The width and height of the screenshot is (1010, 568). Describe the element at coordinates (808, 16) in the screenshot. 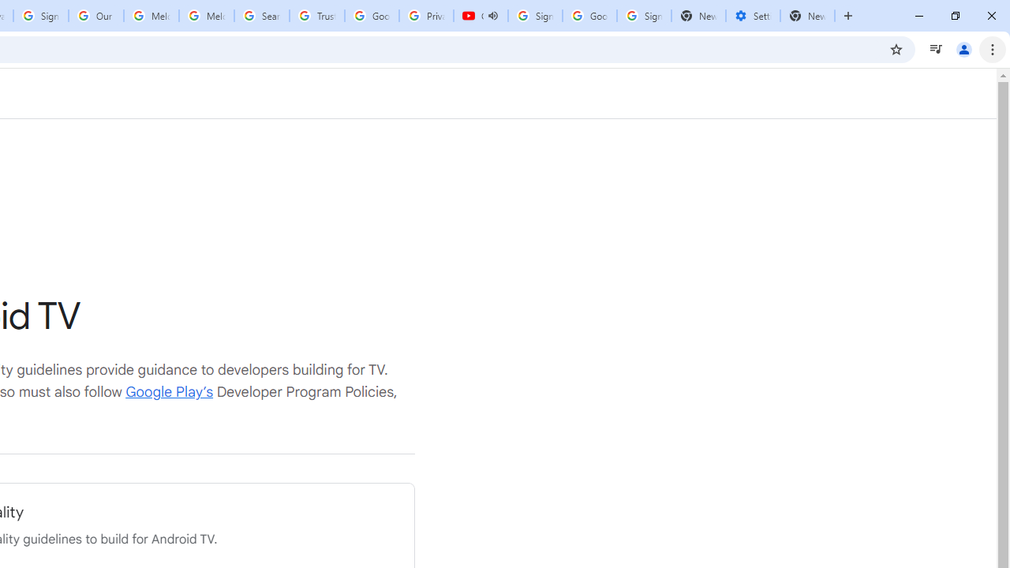

I see `'New Tab'` at that location.